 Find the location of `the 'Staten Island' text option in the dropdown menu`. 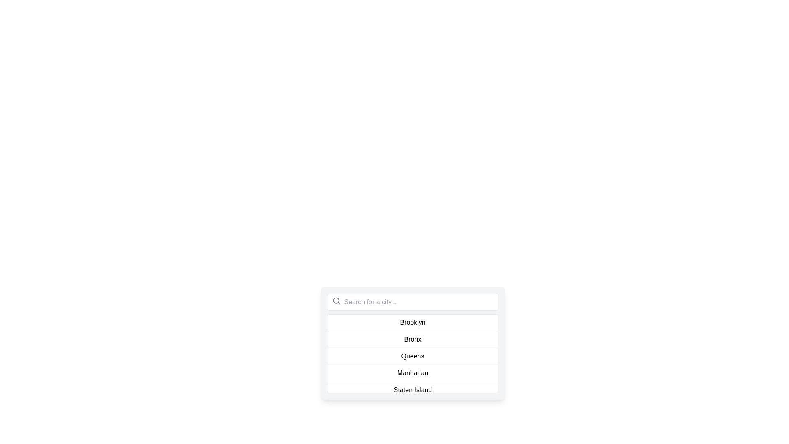

the 'Staten Island' text option in the dropdown menu is located at coordinates (413, 389).